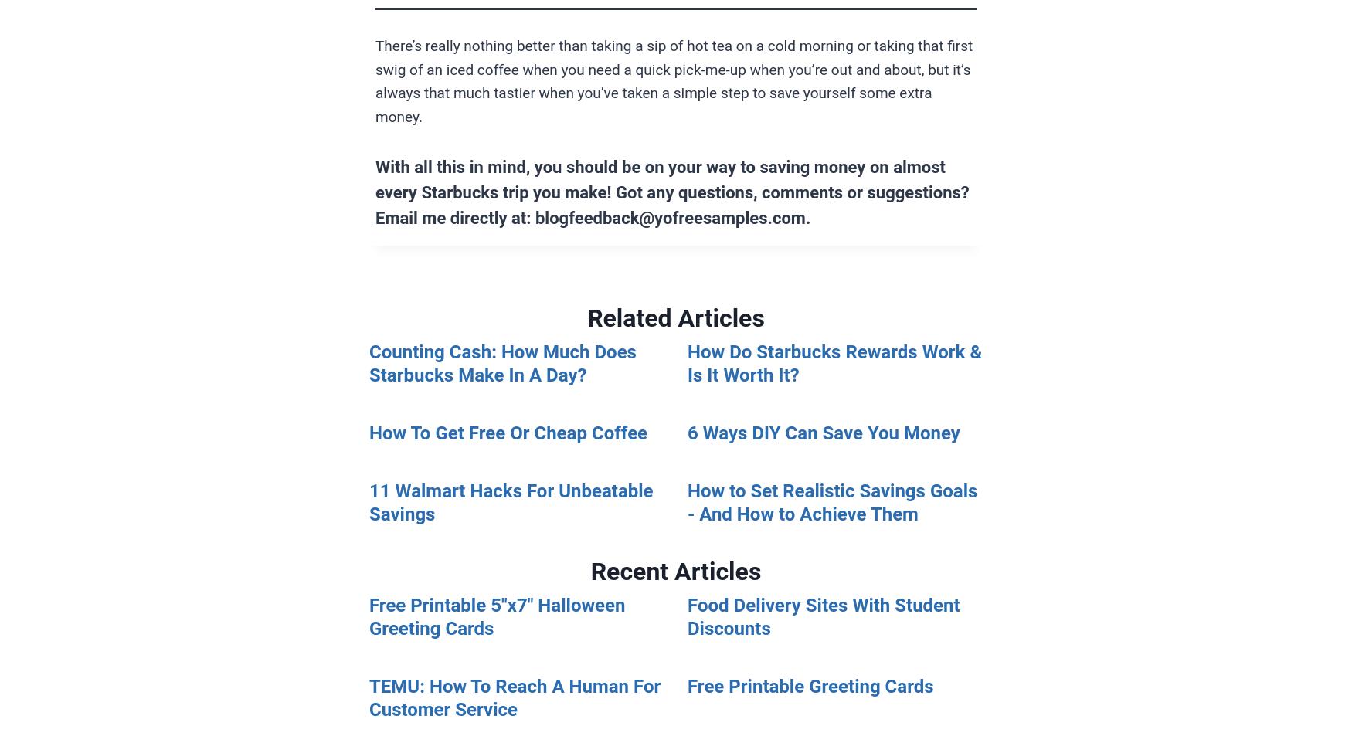 The image size is (1352, 743). Describe the element at coordinates (501, 363) in the screenshot. I see `'Counting Cash: How Much Does Starbucks Make In A Day?'` at that location.